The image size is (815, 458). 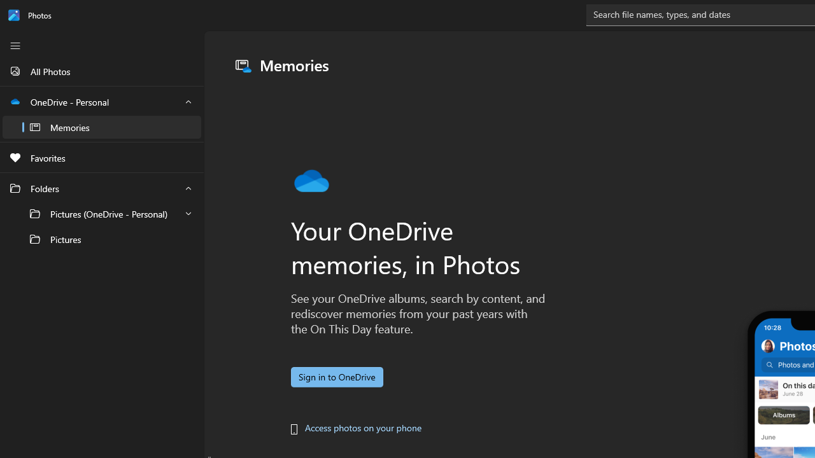 I want to click on 'Sign in to OneDrive', so click(x=337, y=376).